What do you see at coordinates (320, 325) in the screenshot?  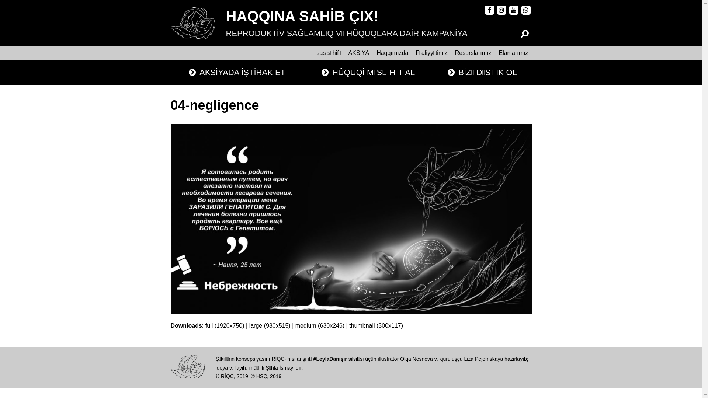 I see `'medium (630x246)'` at bounding box center [320, 325].